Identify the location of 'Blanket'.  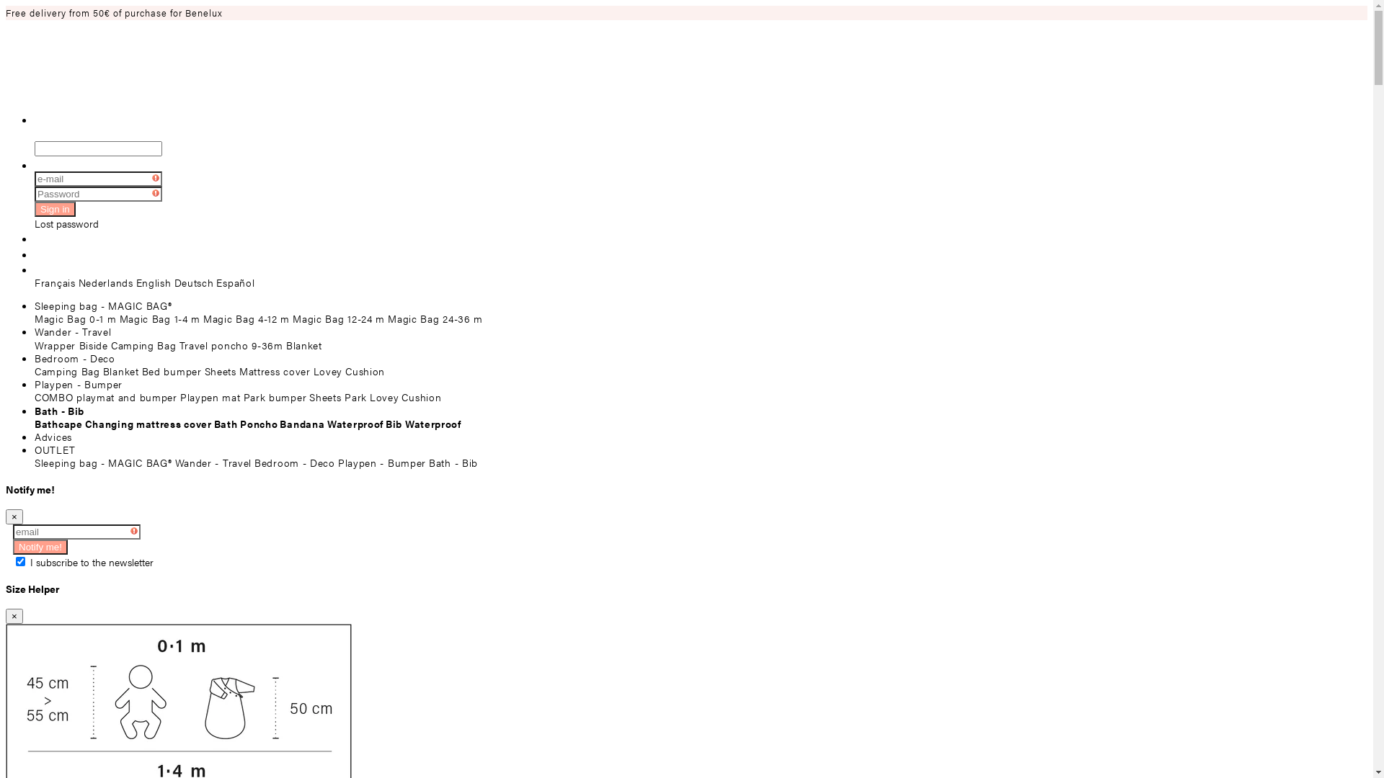
(303, 344).